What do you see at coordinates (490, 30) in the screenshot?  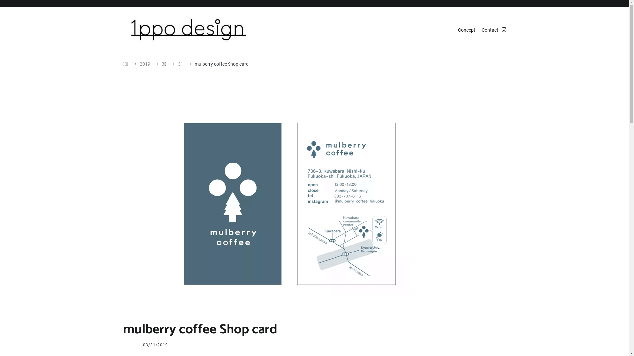 I see `'Contact'` at bounding box center [490, 30].